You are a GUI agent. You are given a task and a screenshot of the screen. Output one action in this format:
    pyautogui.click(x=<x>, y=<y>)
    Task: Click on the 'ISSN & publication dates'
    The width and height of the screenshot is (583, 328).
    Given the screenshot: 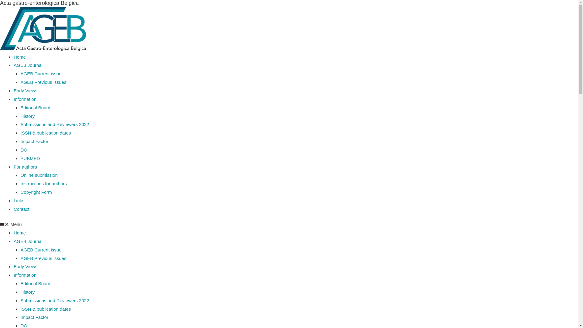 What is the action you would take?
    pyautogui.click(x=45, y=132)
    